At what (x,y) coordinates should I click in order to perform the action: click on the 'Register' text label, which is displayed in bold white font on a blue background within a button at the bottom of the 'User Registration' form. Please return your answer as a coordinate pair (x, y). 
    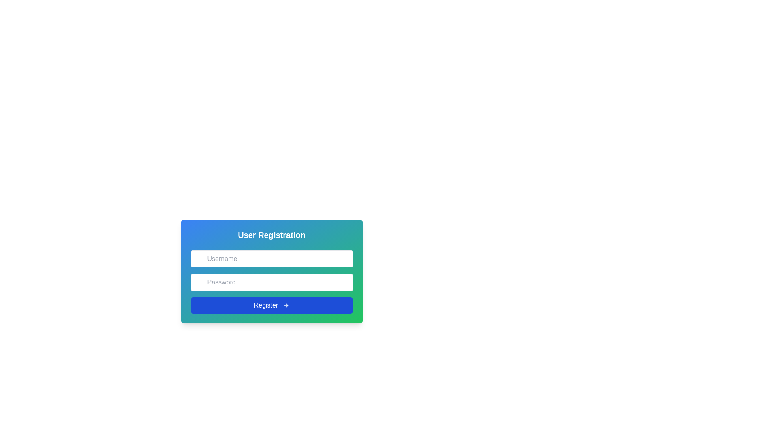
    Looking at the image, I should click on (266, 305).